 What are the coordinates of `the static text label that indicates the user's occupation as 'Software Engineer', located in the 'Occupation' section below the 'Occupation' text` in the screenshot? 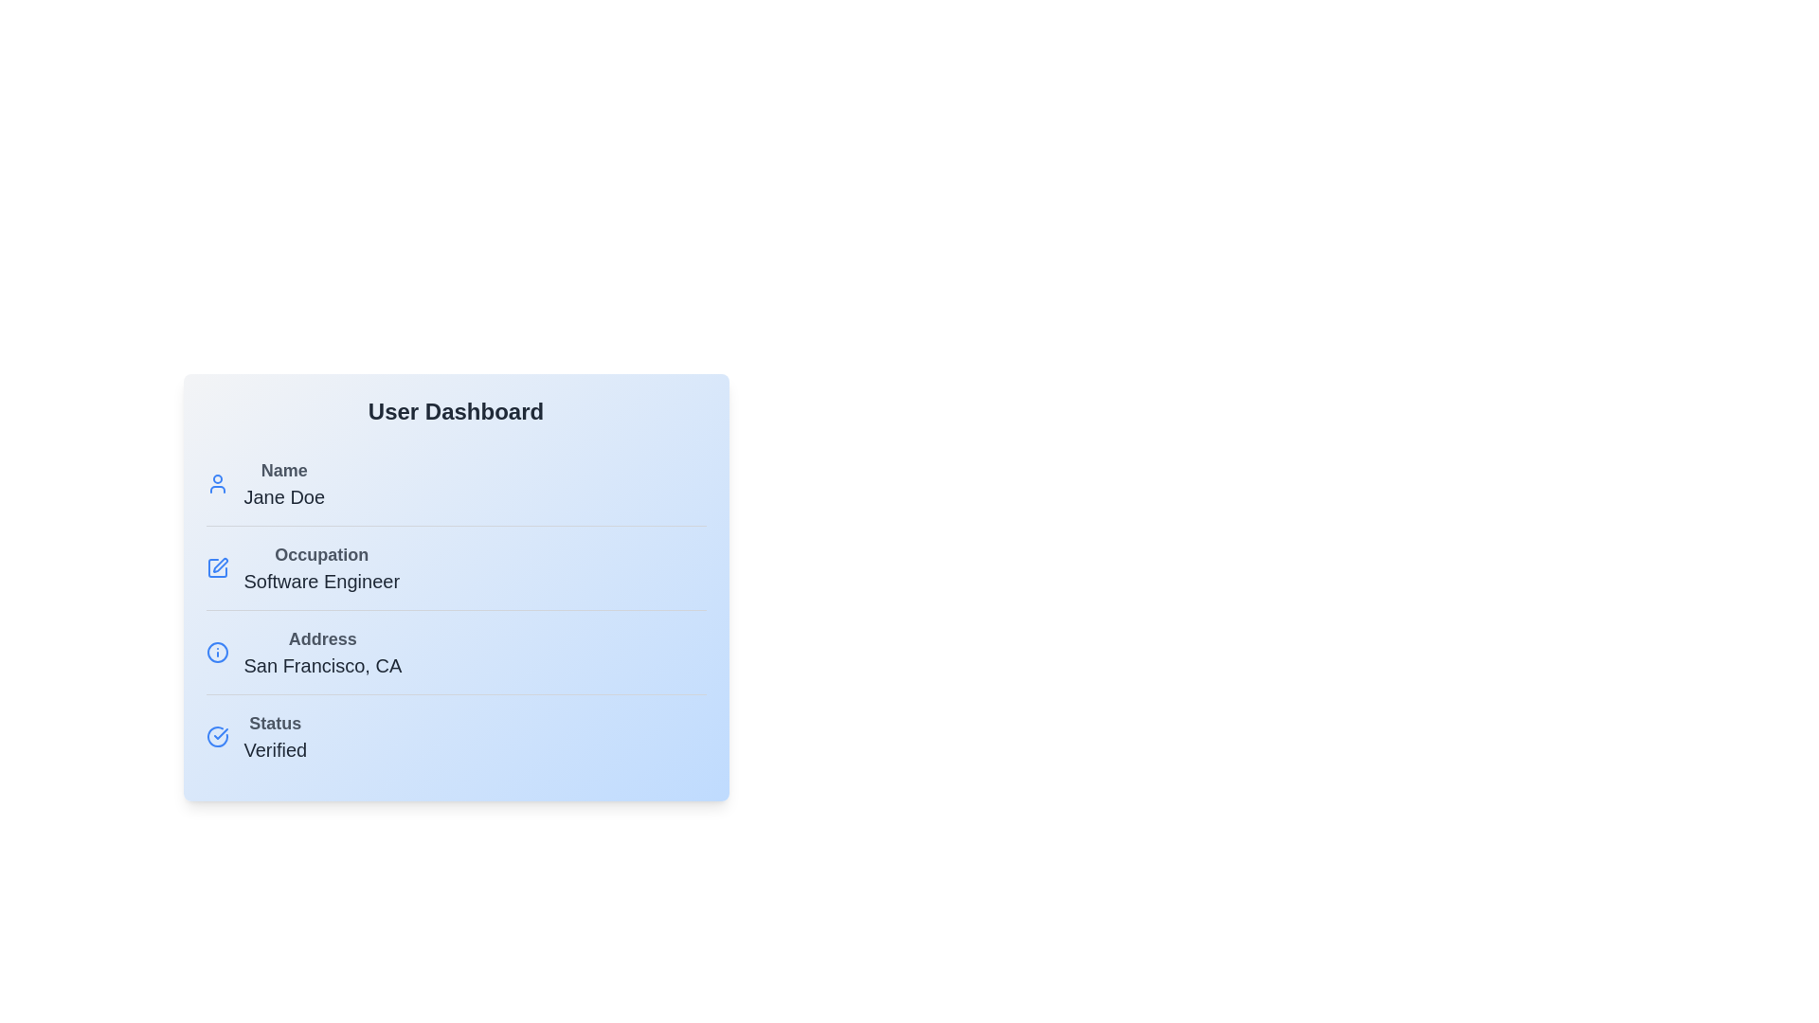 It's located at (321, 580).